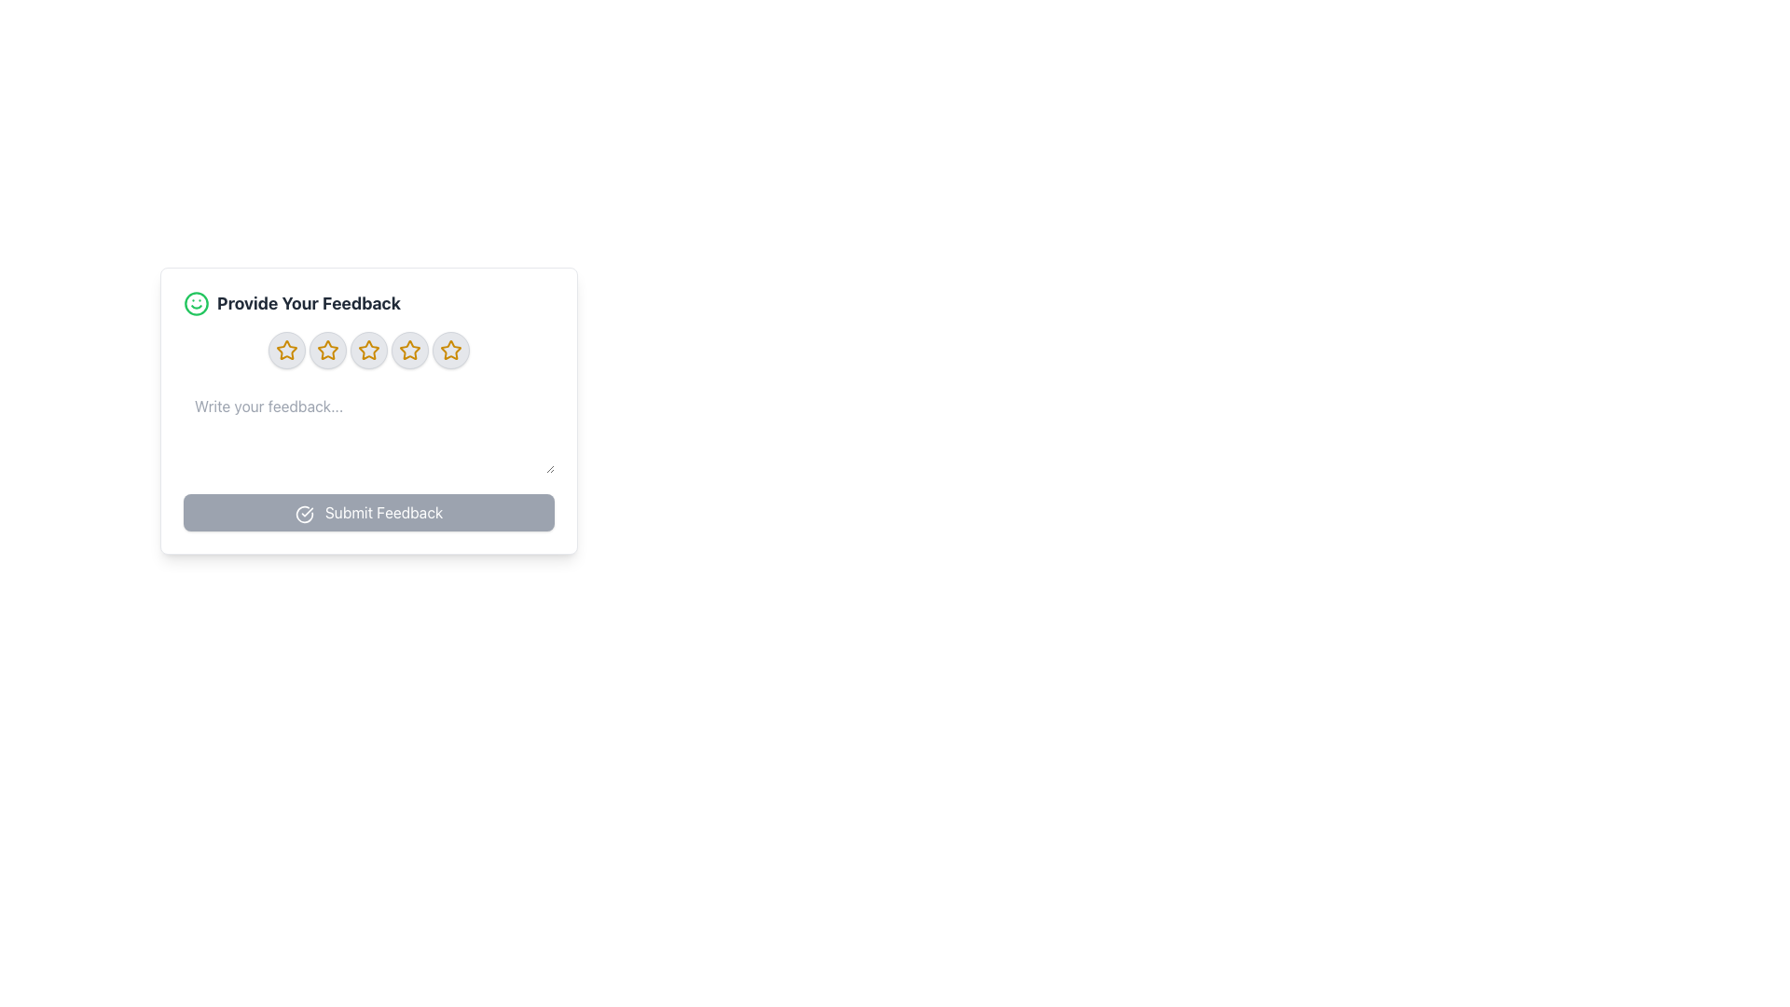  Describe the element at coordinates (368, 350) in the screenshot. I see `the third star icon from the left in the feedback form` at that location.